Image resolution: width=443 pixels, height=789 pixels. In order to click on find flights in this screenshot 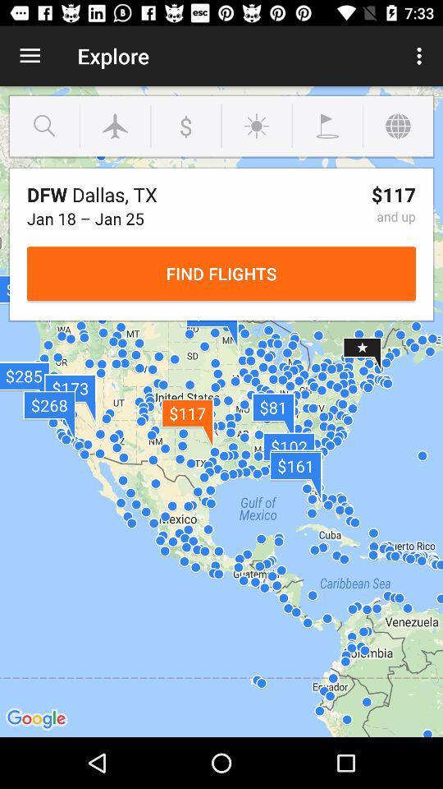, I will do `click(221, 274)`.